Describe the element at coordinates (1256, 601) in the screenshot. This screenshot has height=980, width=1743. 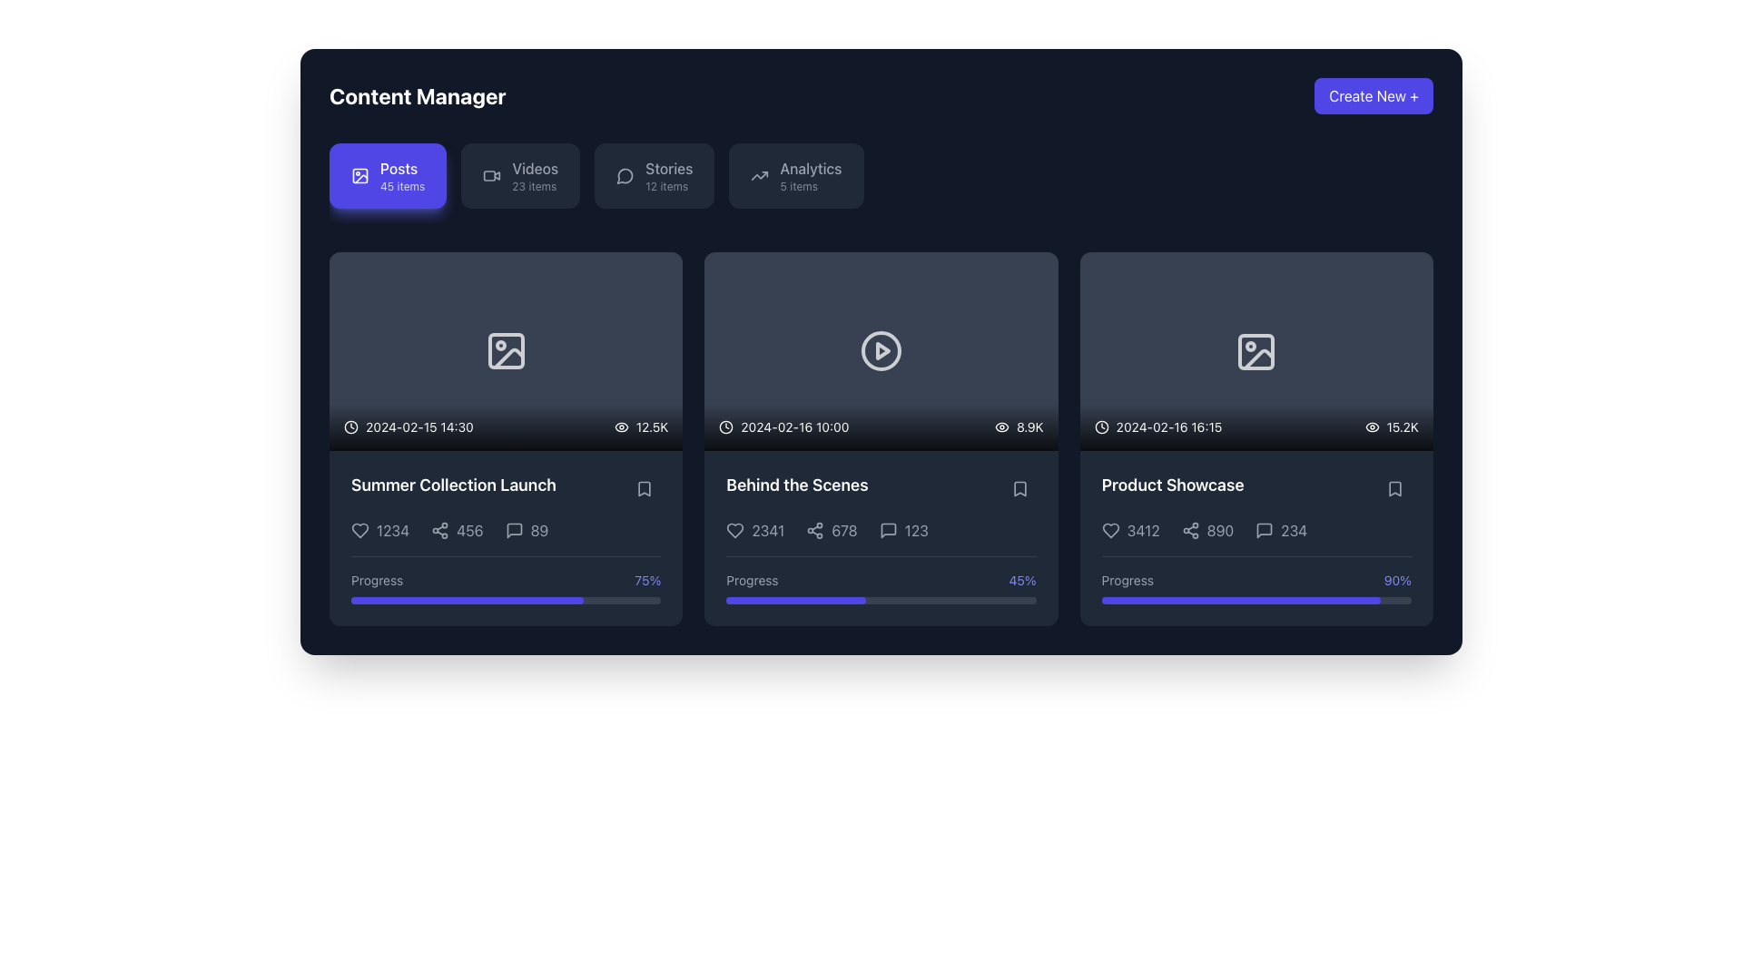
I see `the progress bar with rounded corners indicating 90% completion located at the bottom of the 'Product Showcase' card in the third column` at that location.